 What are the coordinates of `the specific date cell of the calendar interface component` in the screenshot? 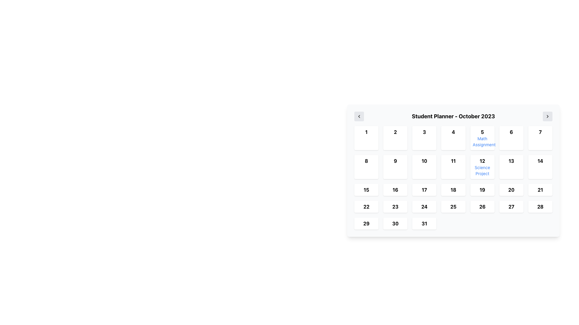 It's located at (453, 170).